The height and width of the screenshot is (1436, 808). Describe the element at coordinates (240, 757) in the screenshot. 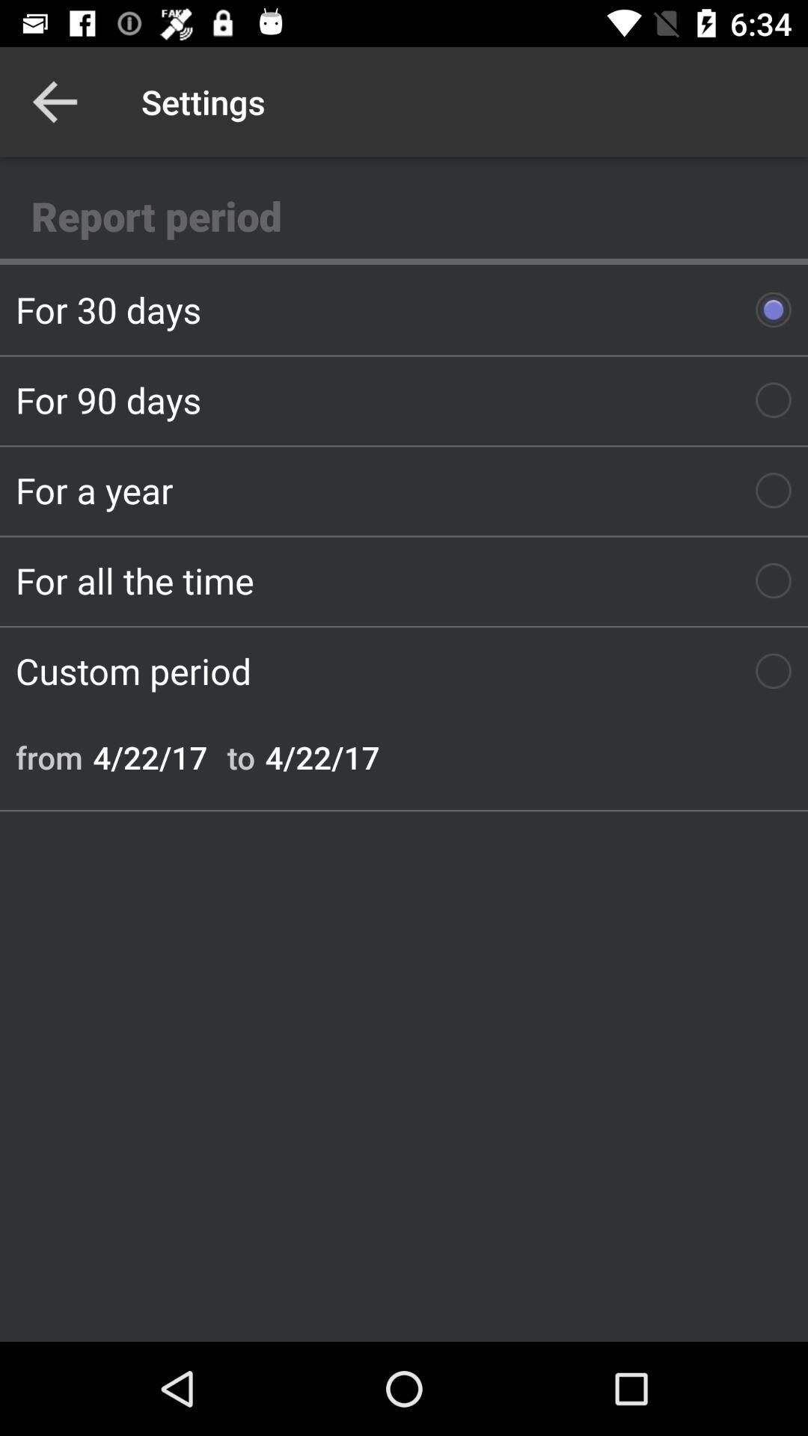

I see `icon below custom period icon` at that location.